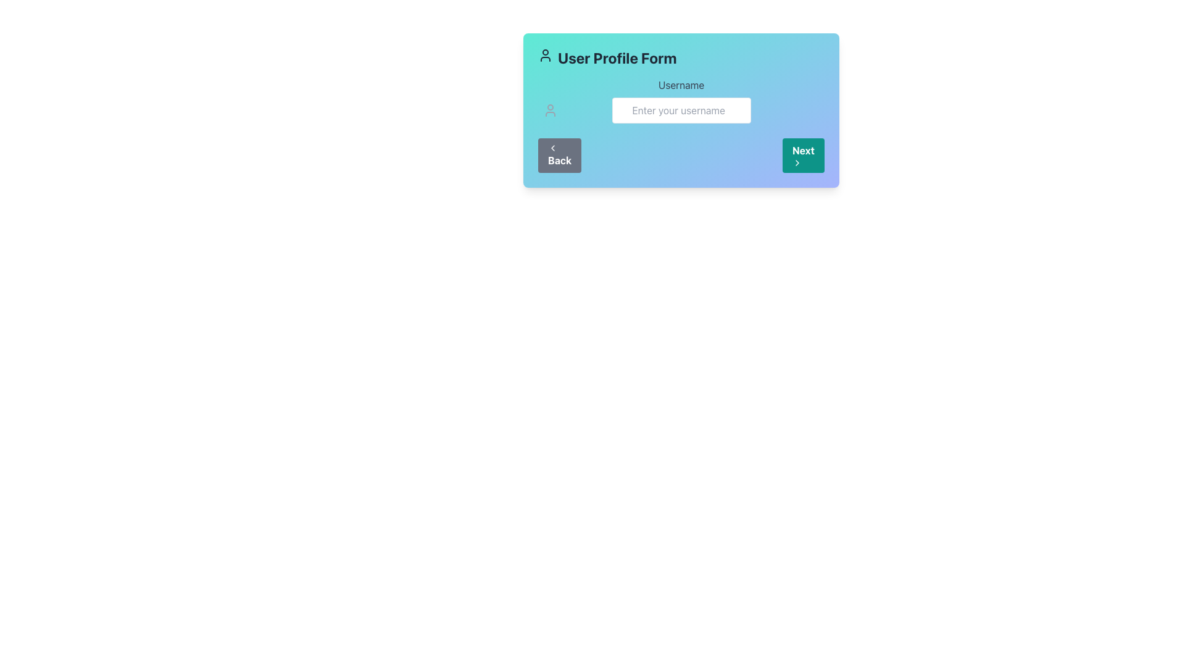 The image size is (1185, 667). I want to click on the chevron arrow icon located at the rightmost end of the 'Next' button with white text on a teal-green background, so click(797, 162).